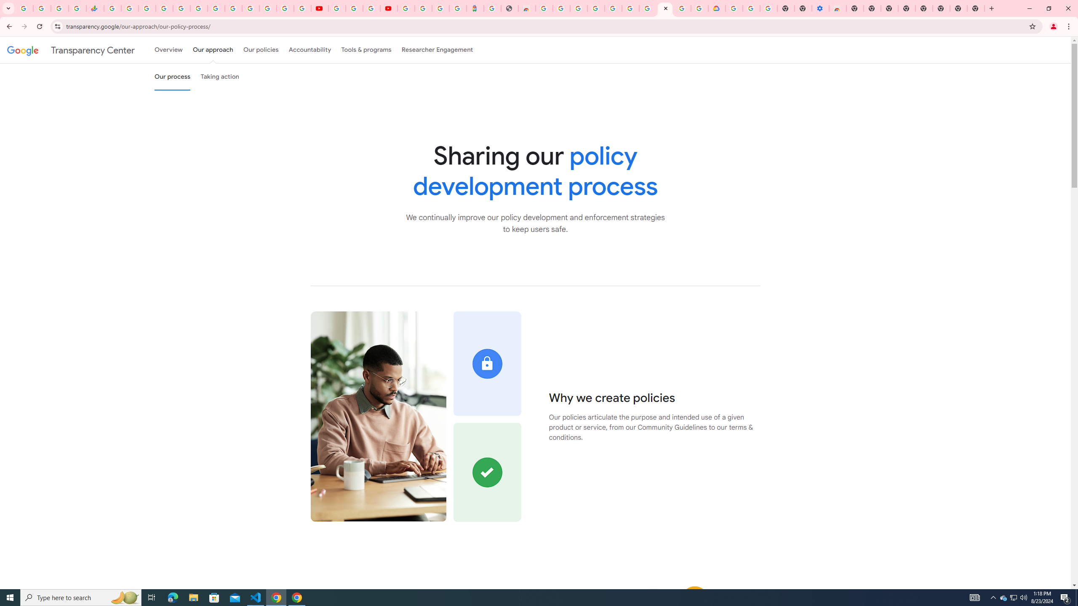 The height and width of the screenshot is (606, 1078). What do you see at coordinates (700, 8) in the screenshot?
I see `'Browse the Google Chrome Community - Google Chrome Community'` at bounding box center [700, 8].